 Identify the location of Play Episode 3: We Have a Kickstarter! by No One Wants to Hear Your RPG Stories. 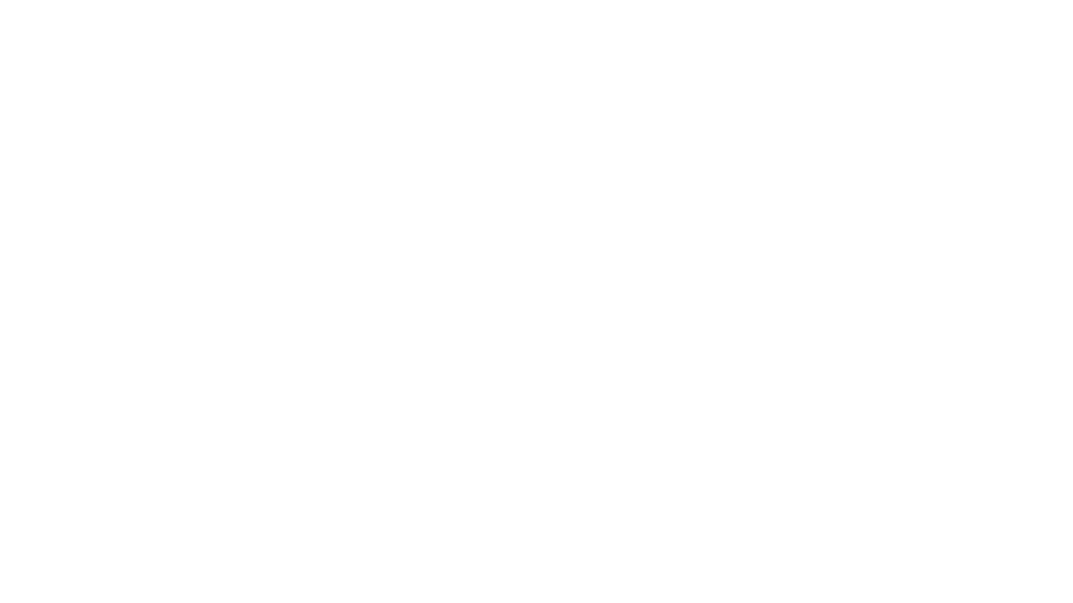
(150, 321).